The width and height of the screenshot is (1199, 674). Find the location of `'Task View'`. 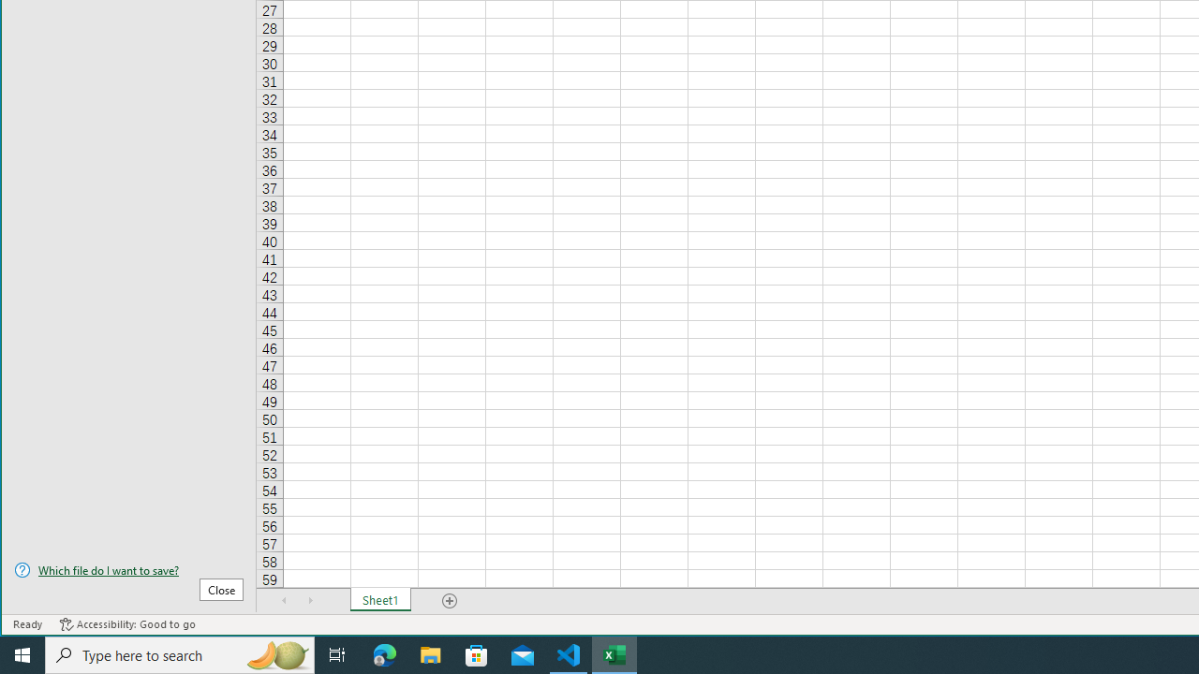

'Task View' is located at coordinates (336, 653).